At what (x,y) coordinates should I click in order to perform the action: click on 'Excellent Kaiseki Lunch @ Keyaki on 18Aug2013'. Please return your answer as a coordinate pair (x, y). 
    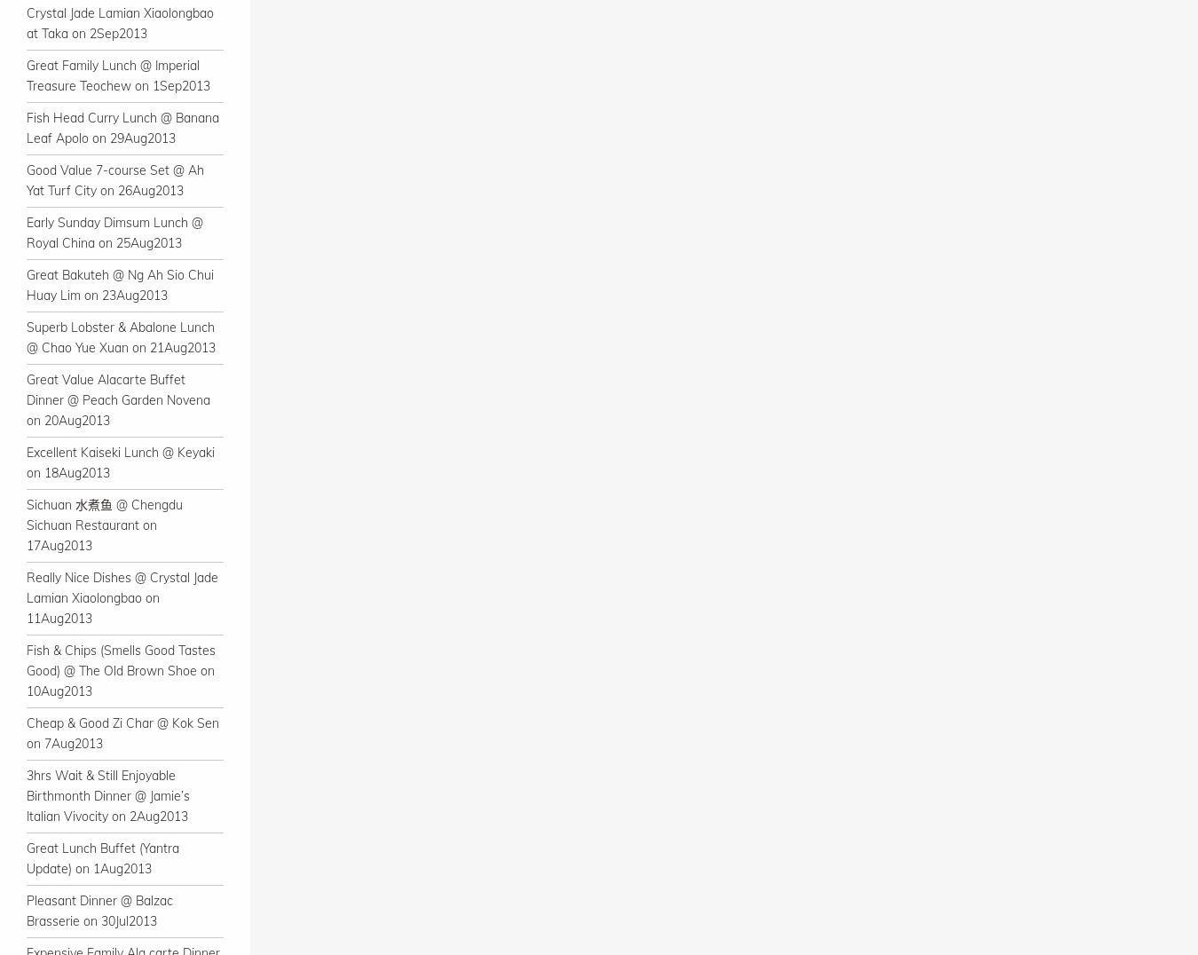
    Looking at the image, I should click on (120, 462).